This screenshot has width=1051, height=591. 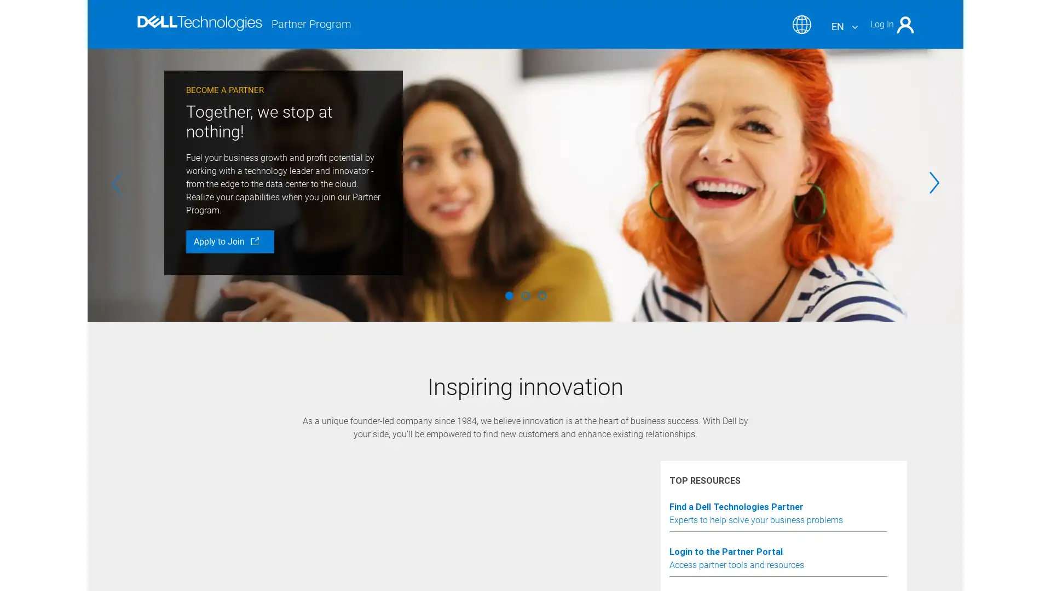 I want to click on Play, so click(x=194, y=495).